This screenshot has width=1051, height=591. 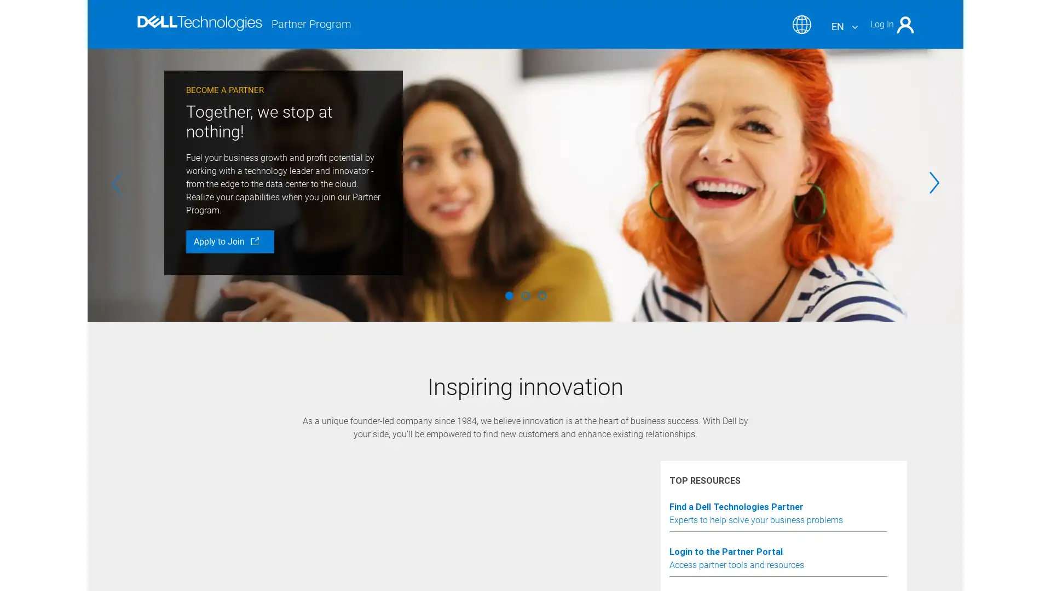 I want to click on Play, so click(x=194, y=495).